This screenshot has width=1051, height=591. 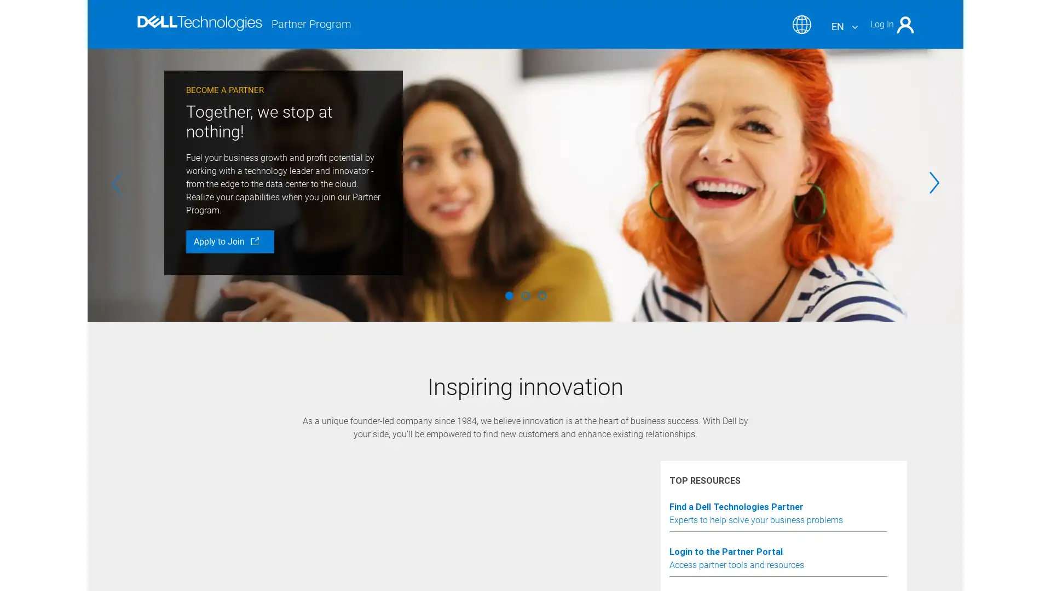 I want to click on Play, so click(x=194, y=495).